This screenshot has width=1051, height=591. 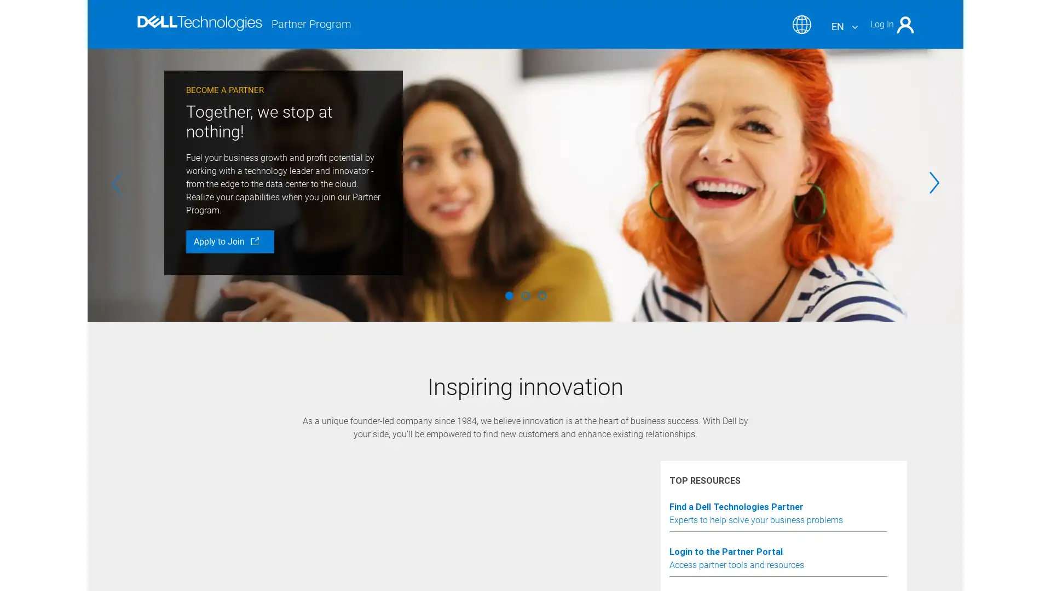 I want to click on Play, so click(x=194, y=495).